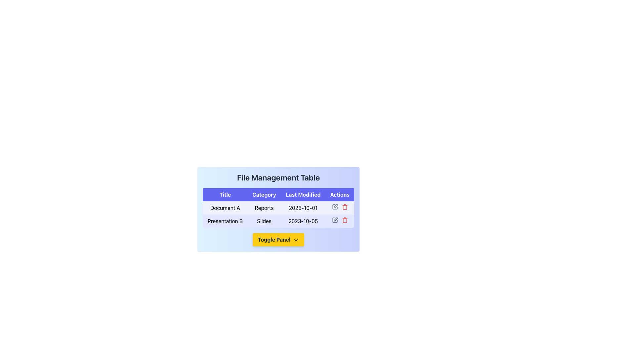 This screenshot has height=357, width=635. I want to click on the 'Actions' label, which is a rectangular area with a solid purple background and contains white text, located in the header row of the 'File Management Table' as the fourth column header, so click(340, 194).